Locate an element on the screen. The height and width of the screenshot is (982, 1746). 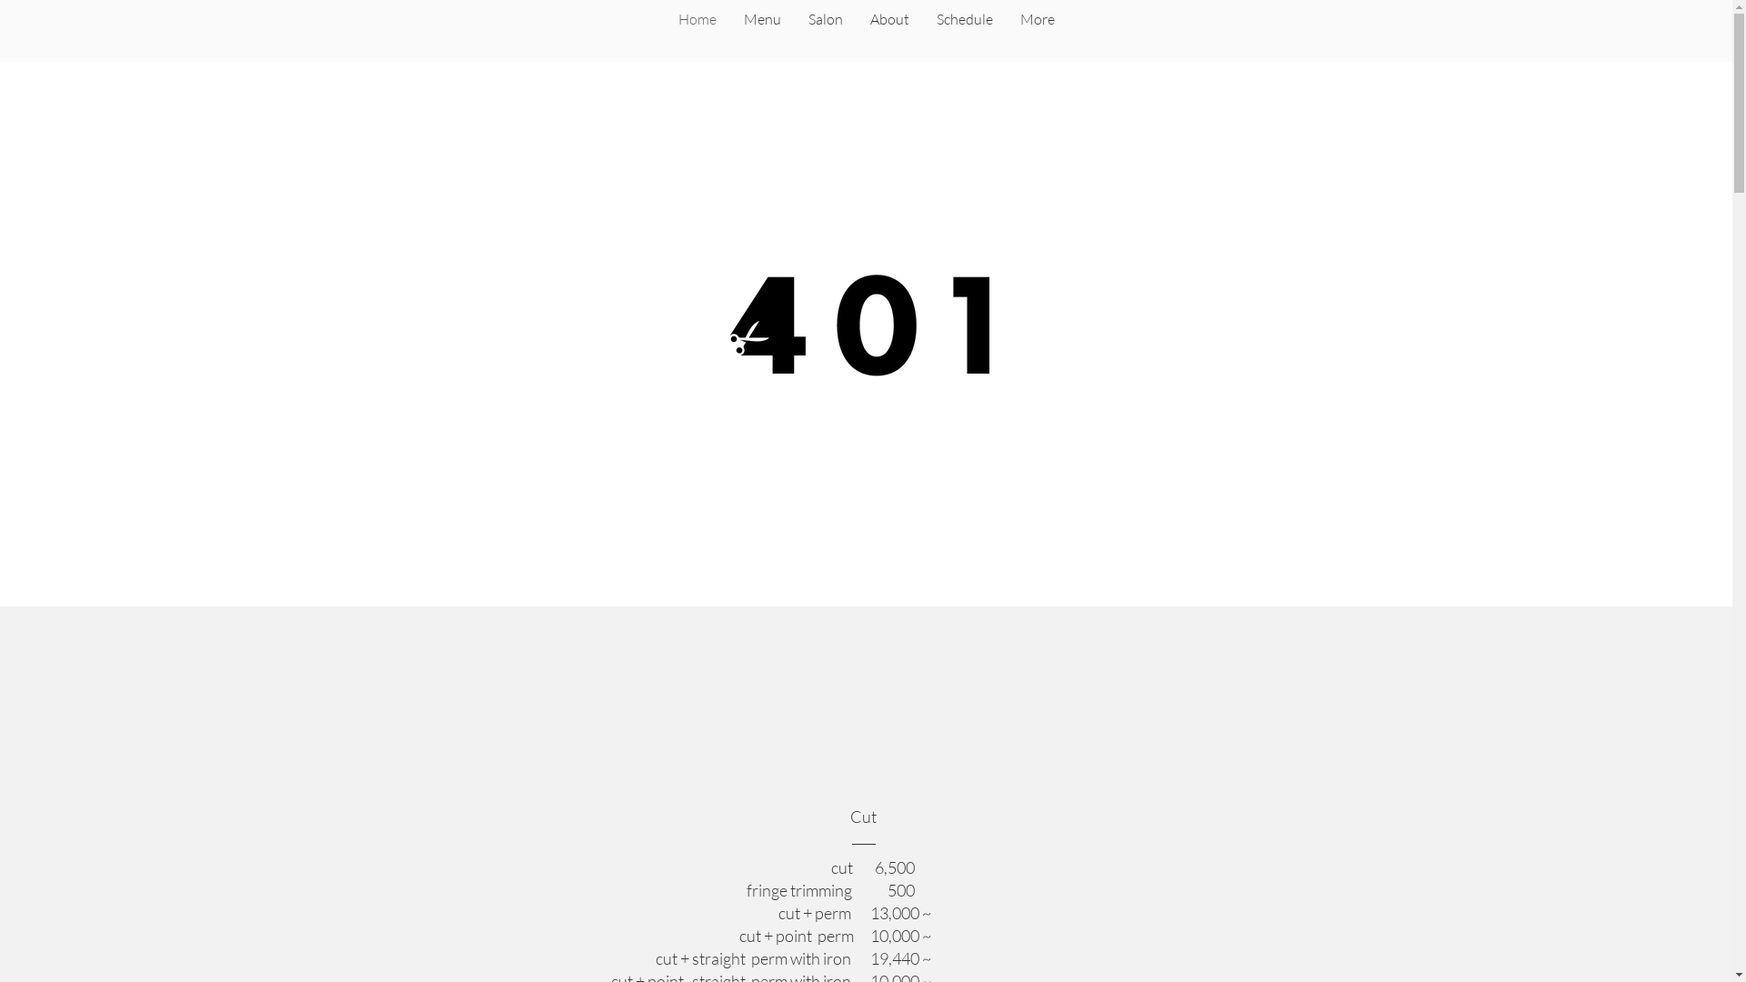
'Schedule' is located at coordinates (921, 31).